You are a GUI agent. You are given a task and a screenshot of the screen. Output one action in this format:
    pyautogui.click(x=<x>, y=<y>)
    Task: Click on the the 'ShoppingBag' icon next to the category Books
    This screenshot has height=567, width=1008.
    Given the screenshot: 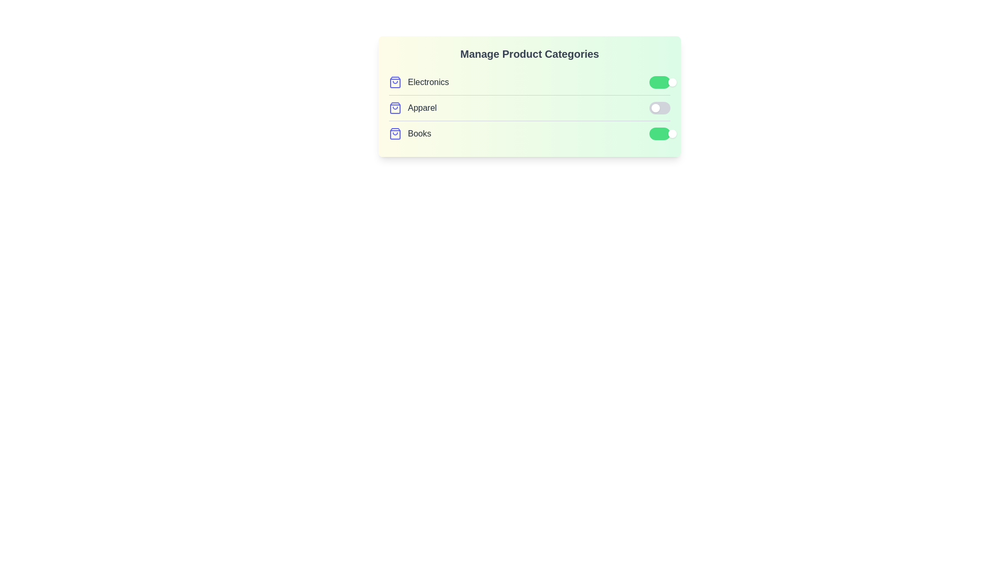 What is the action you would take?
    pyautogui.click(x=395, y=133)
    